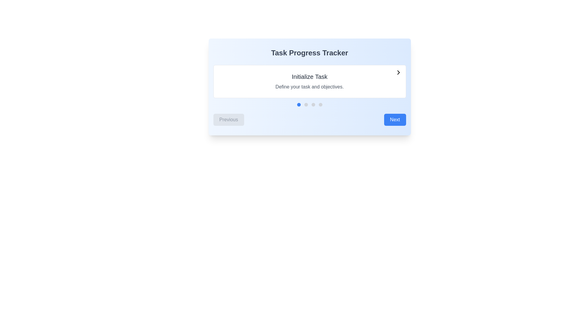 The height and width of the screenshot is (325, 578). Describe the element at coordinates (320, 104) in the screenshot. I see `the state of the fourth circular progress indicator (dot) with a light gray background, which is part of the progress tracker component, to understand the step it represents` at that location.